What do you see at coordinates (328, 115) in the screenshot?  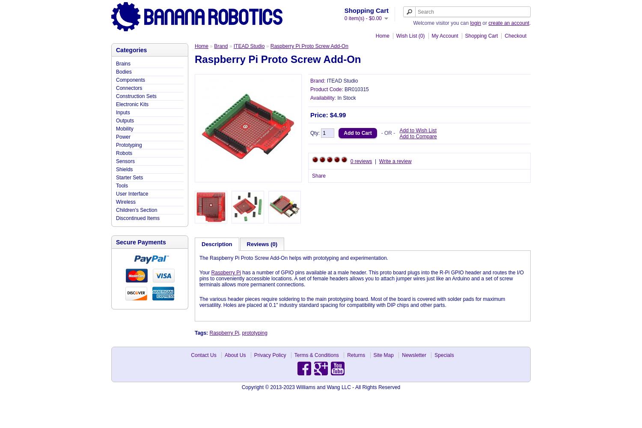 I see `'Price:                $4.99'` at bounding box center [328, 115].